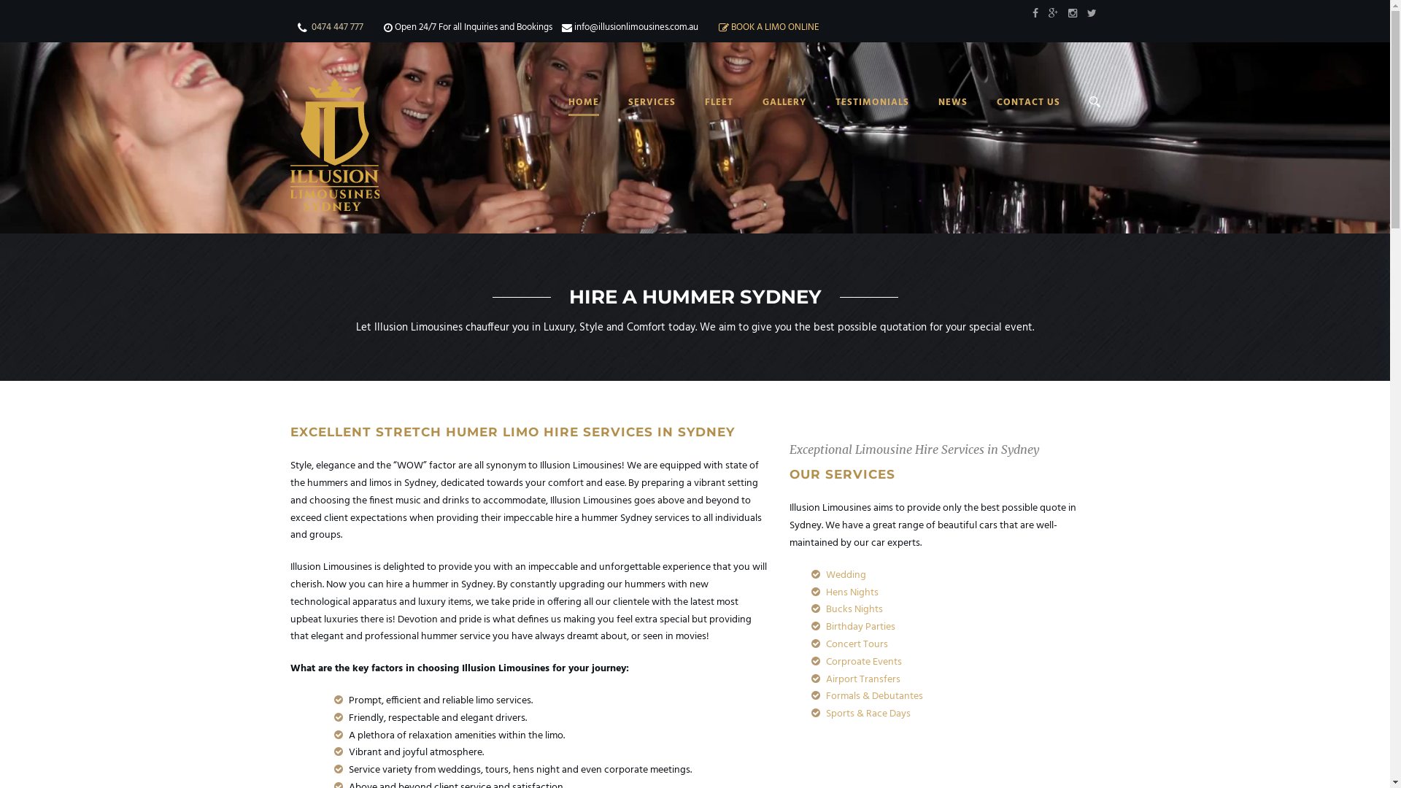  I want to click on 'FLEET', so click(704, 118).